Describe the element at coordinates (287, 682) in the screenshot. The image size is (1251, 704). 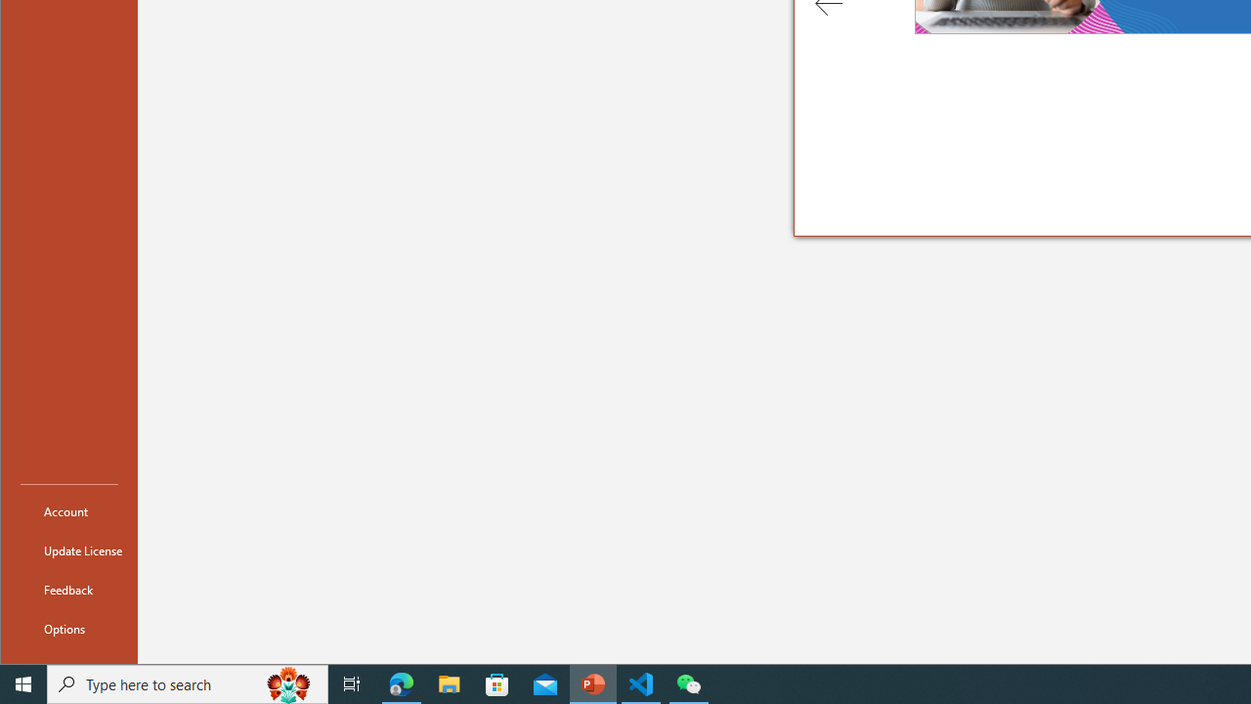
I see `'Search highlights icon opens search home window'` at that location.